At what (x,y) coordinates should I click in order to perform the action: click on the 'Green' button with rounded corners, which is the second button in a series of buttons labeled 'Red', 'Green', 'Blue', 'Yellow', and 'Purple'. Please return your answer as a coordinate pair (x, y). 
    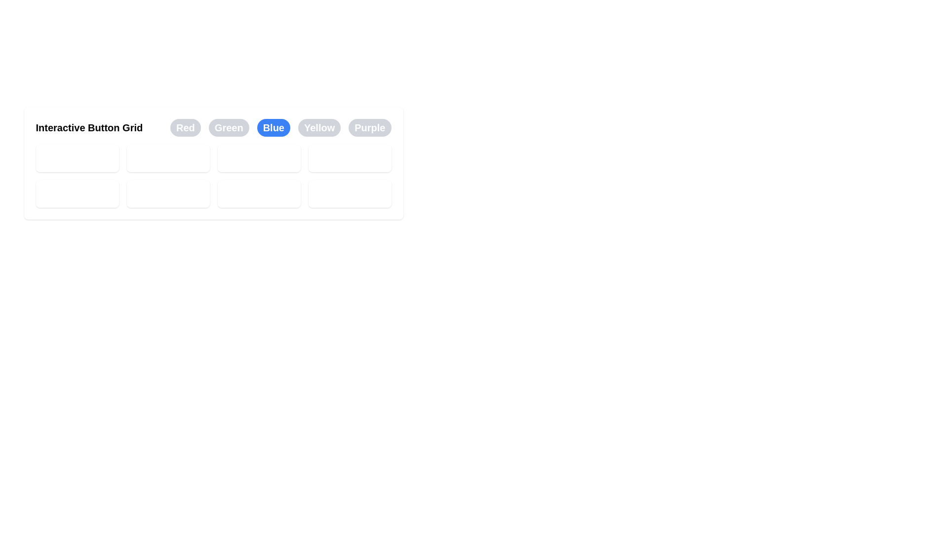
    Looking at the image, I should click on (228, 127).